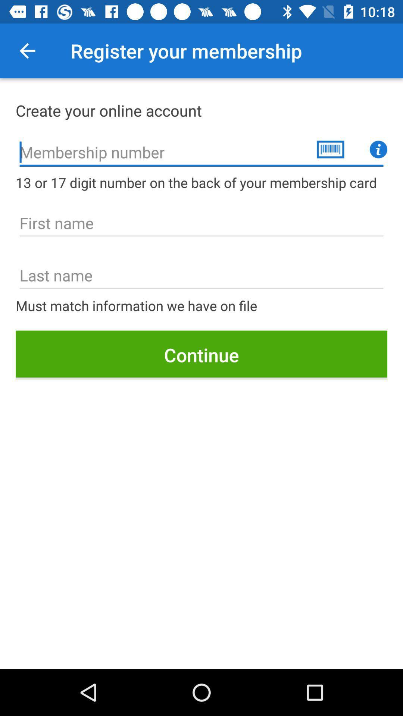  What do you see at coordinates (201, 355) in the screenshot?
I see `enter continue` at bounding box center [201, 355].